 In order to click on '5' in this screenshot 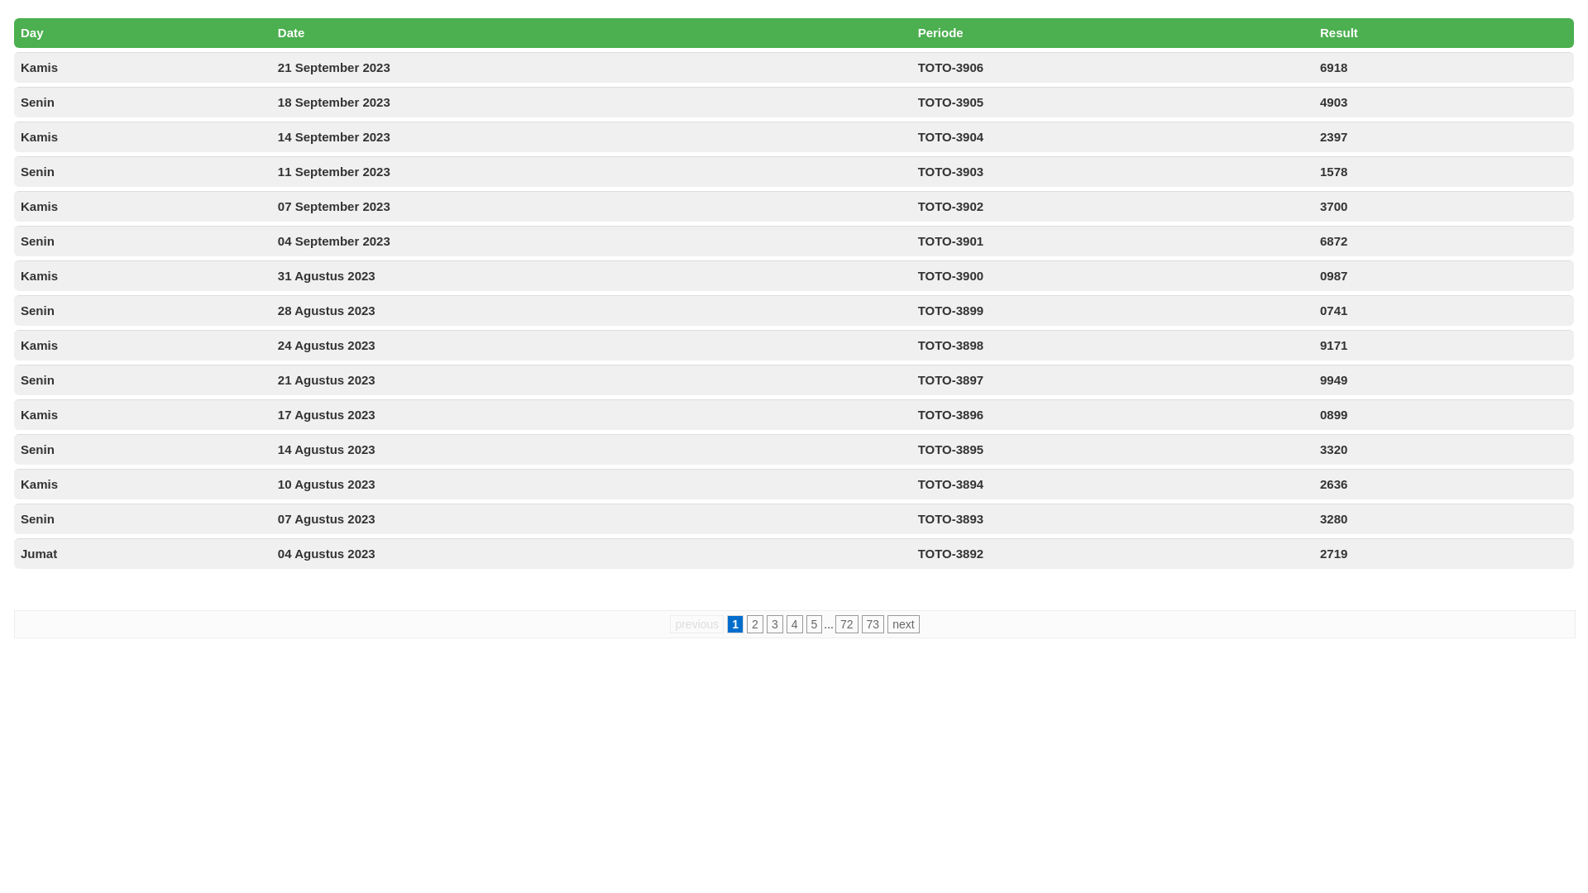, I will do `click(813, 624)`.